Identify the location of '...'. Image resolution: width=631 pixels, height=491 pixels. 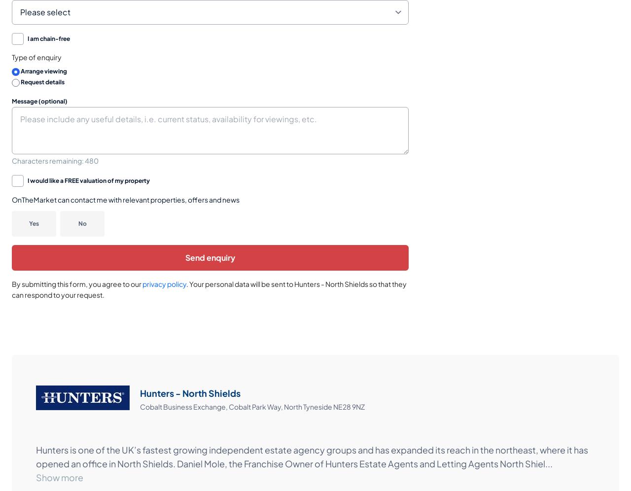
(545, 463).